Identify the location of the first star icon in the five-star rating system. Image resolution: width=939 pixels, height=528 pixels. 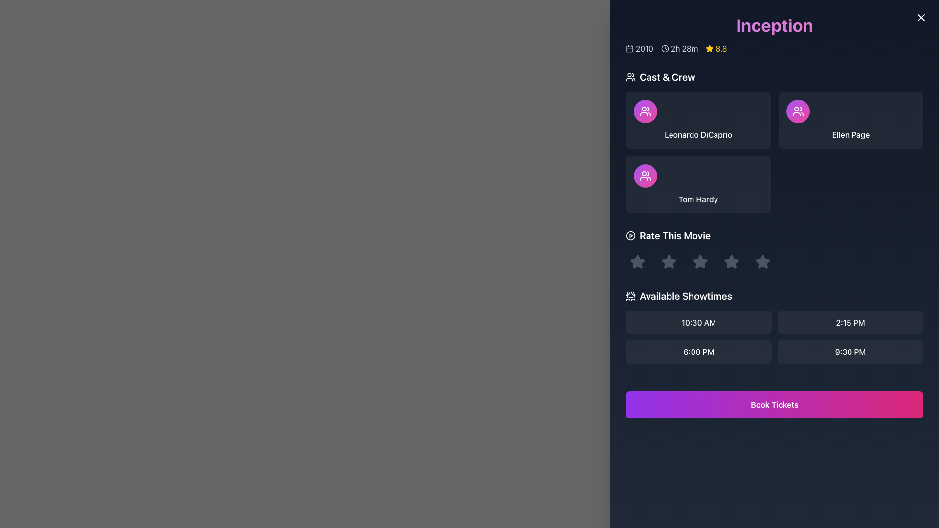
(638, 261).